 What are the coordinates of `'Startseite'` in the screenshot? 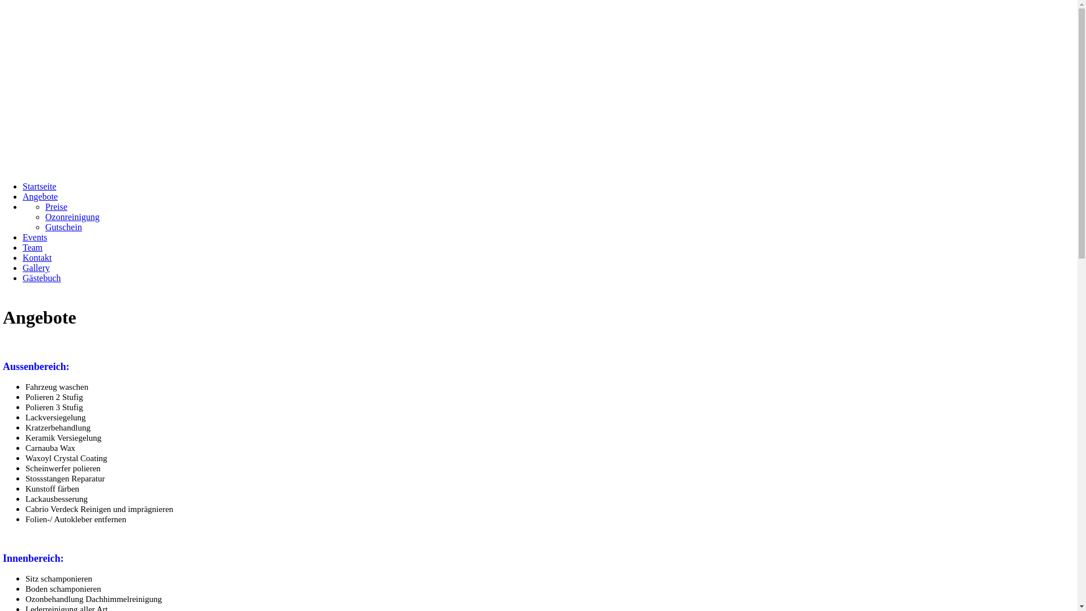 It's located at (40, 186).